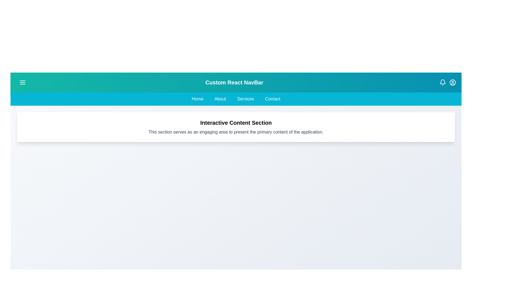  What do you see at coordinates (453, 83) in the screenshot?
I see `the 'User Circle' icon to open the user profile options` at bounding box center [453, 83].